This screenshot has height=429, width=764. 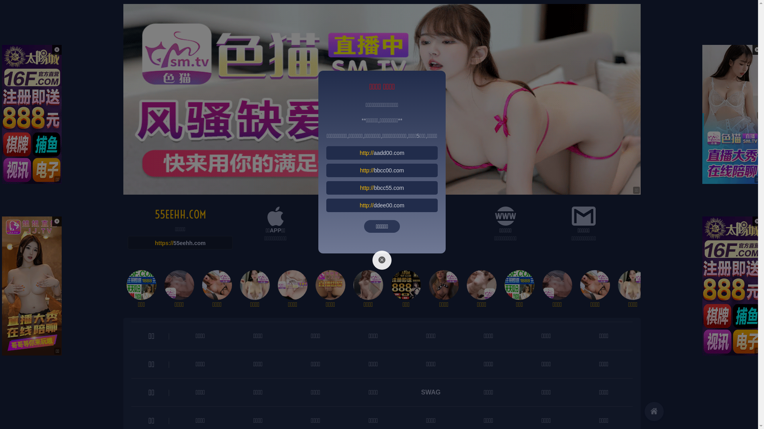 I want to click on 'http://bbcc55.com', so click(x=382, y=188).